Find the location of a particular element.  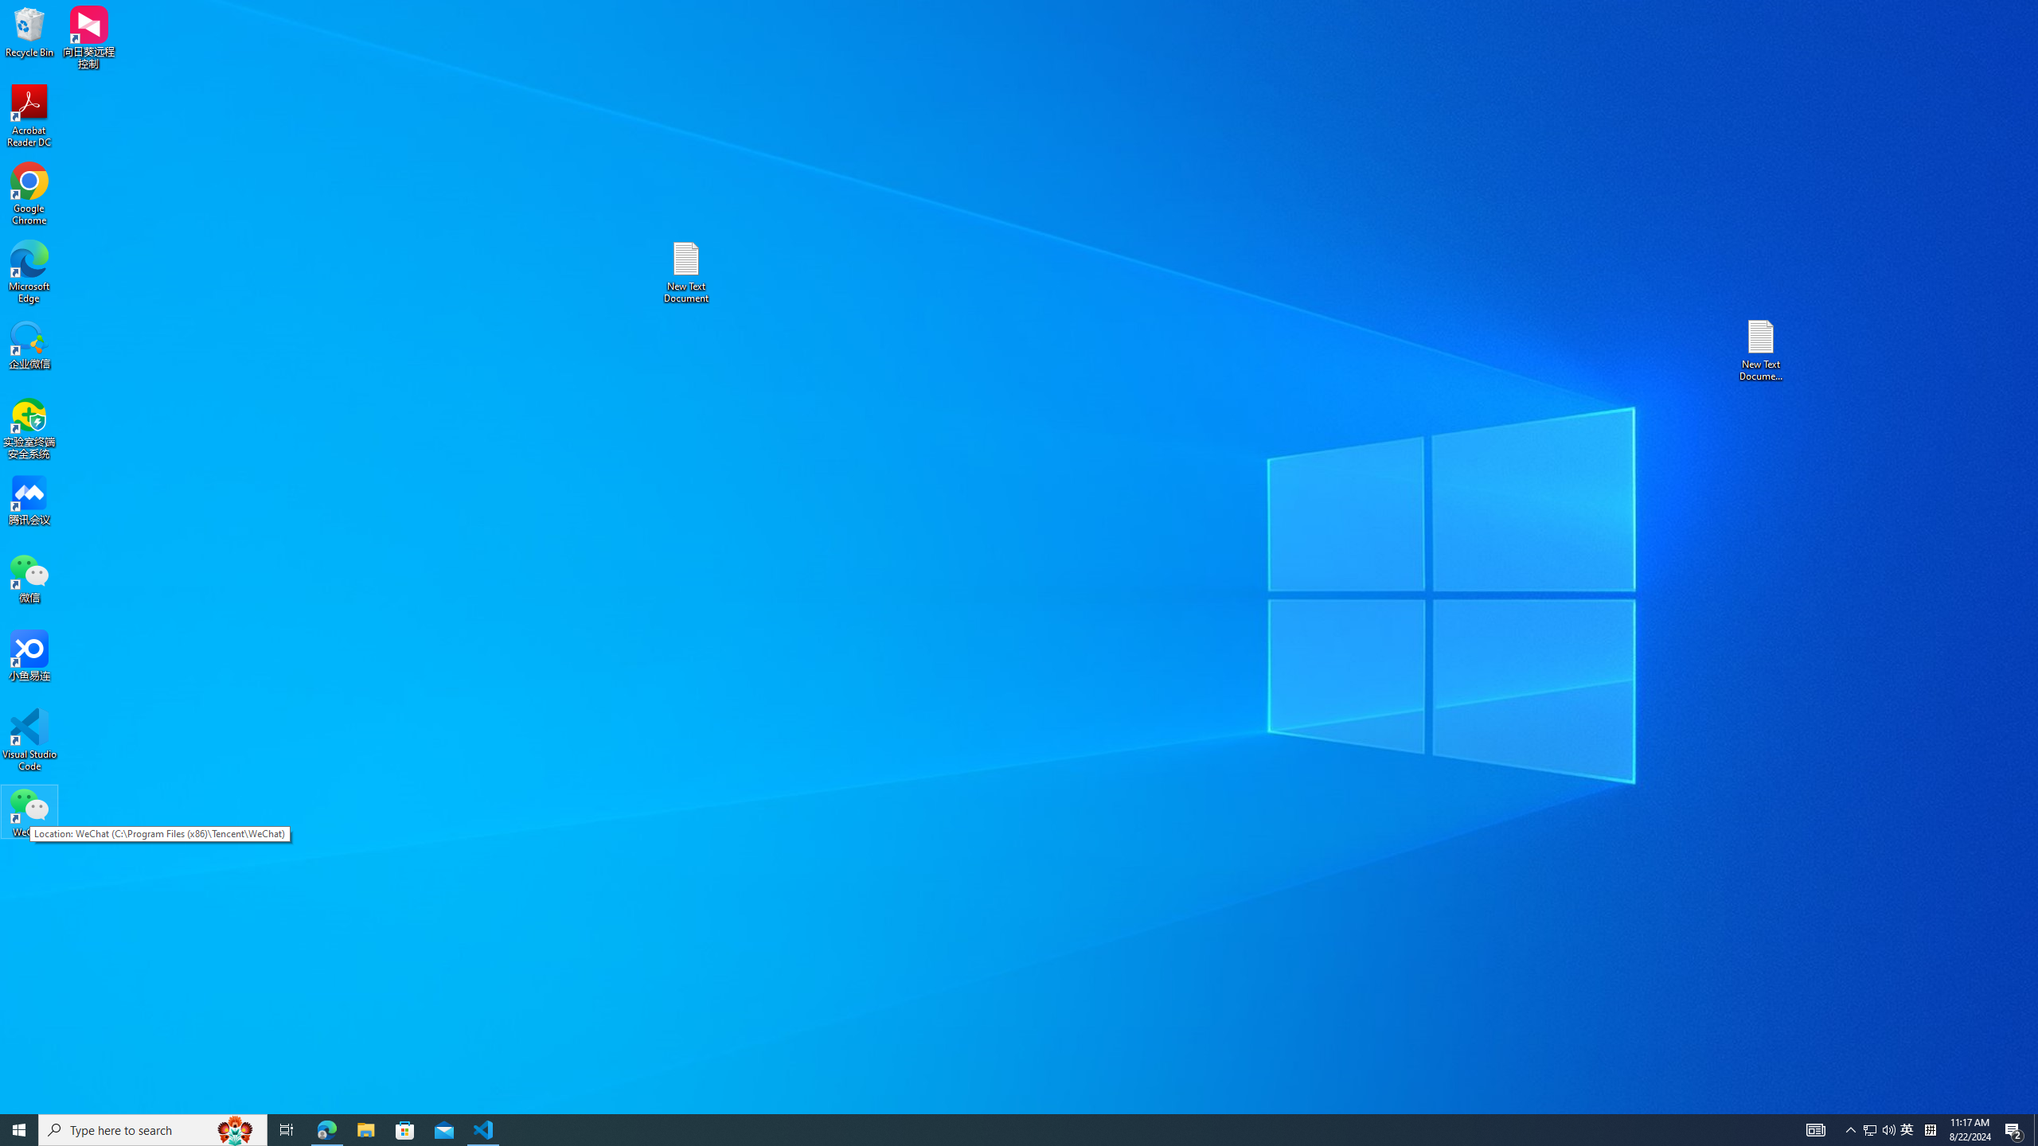

'New Text Document' is located at coordinates (685, 271).